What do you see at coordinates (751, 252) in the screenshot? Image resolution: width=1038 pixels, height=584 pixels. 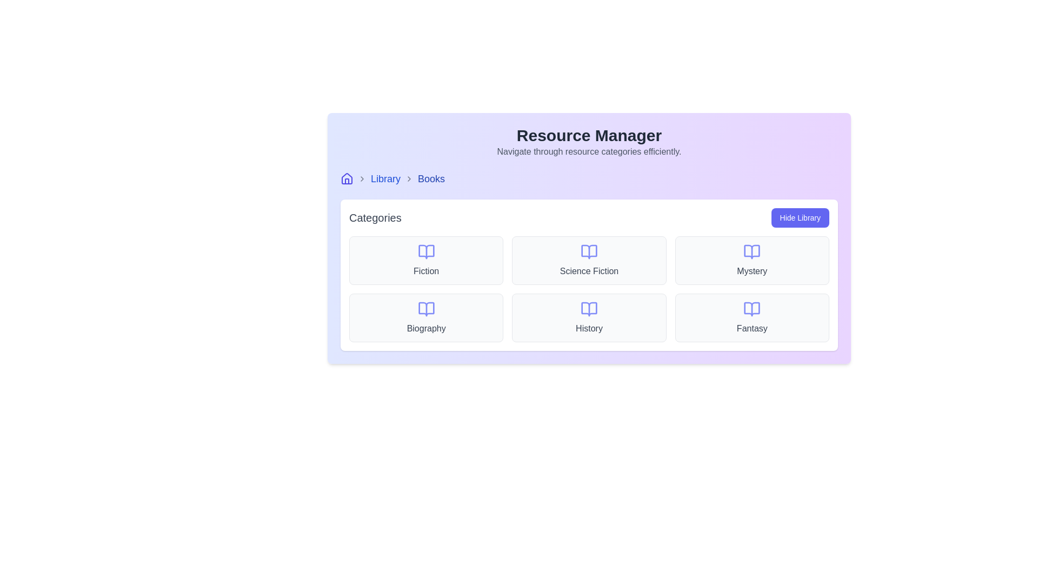 I see `Vector graphic icon representing the 'Mystery' category in the resource management interface to understand its details` at bounding box center [751, 252].